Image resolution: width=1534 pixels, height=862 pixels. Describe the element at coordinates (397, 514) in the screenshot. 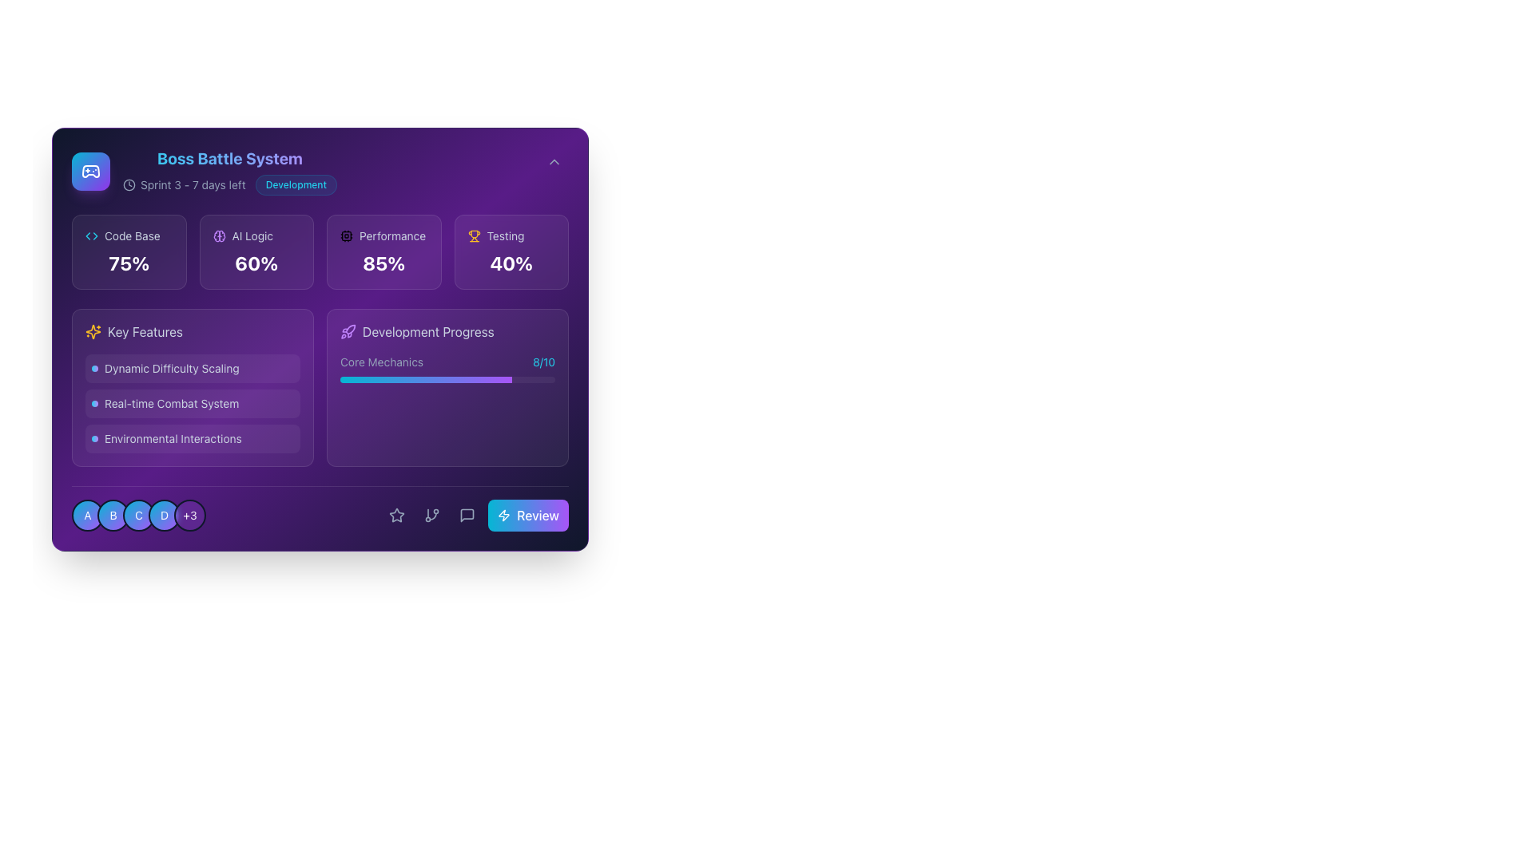

I see `the hollow star icon located in the bottom section of the interface` at that location.